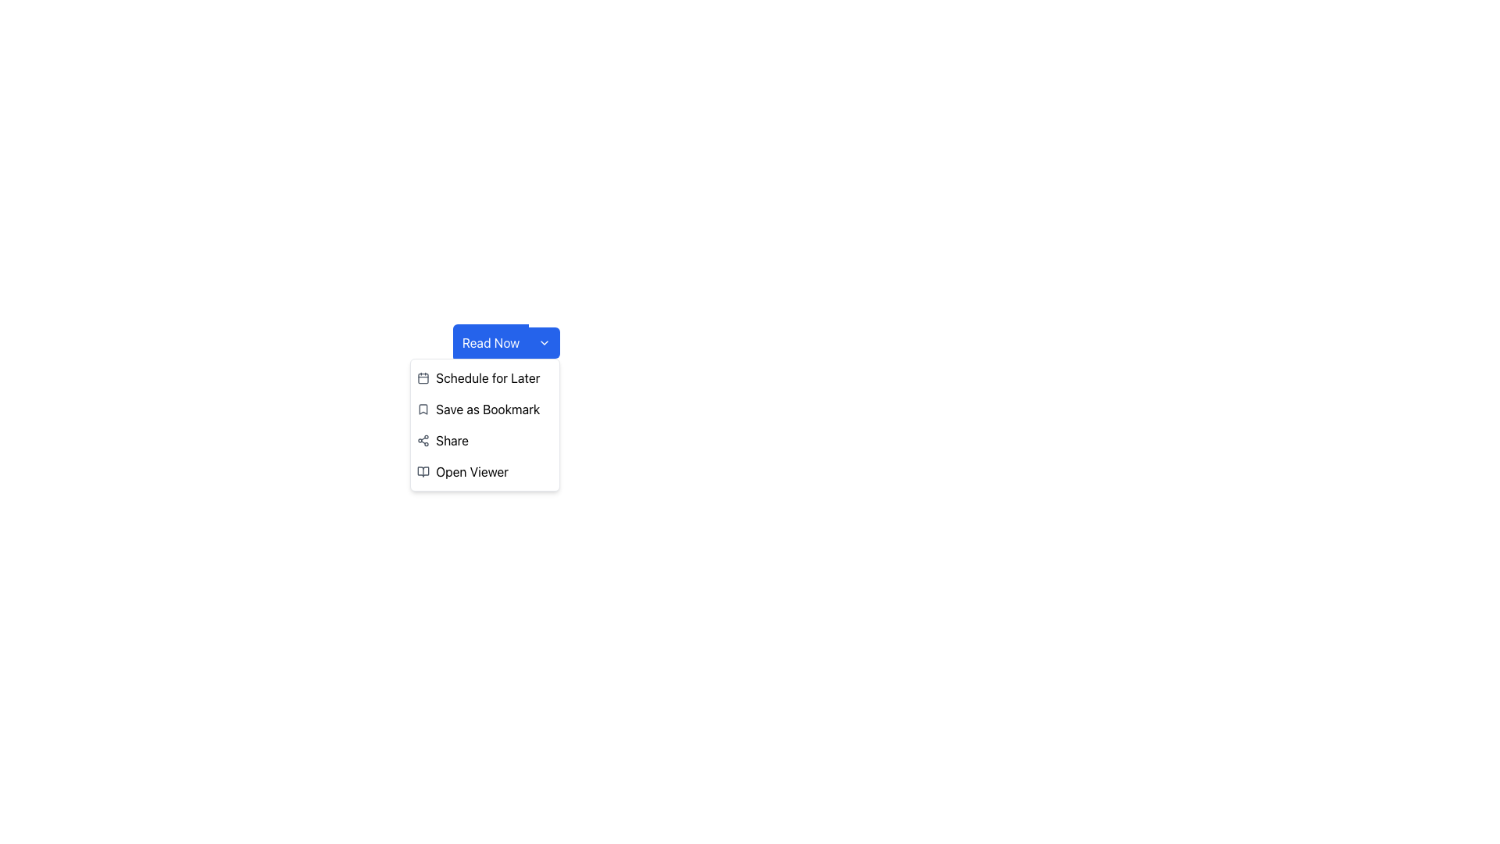 The height and width of the screenshot is (844, 1500). What do you see at coordinates (423, 471) in the screenshot?
I see `the 'Open Viewer' icon, which is located to the left of the text label 'Open Viewer' in the last menu item of the dropdown options` at bounding box center [423, 471].